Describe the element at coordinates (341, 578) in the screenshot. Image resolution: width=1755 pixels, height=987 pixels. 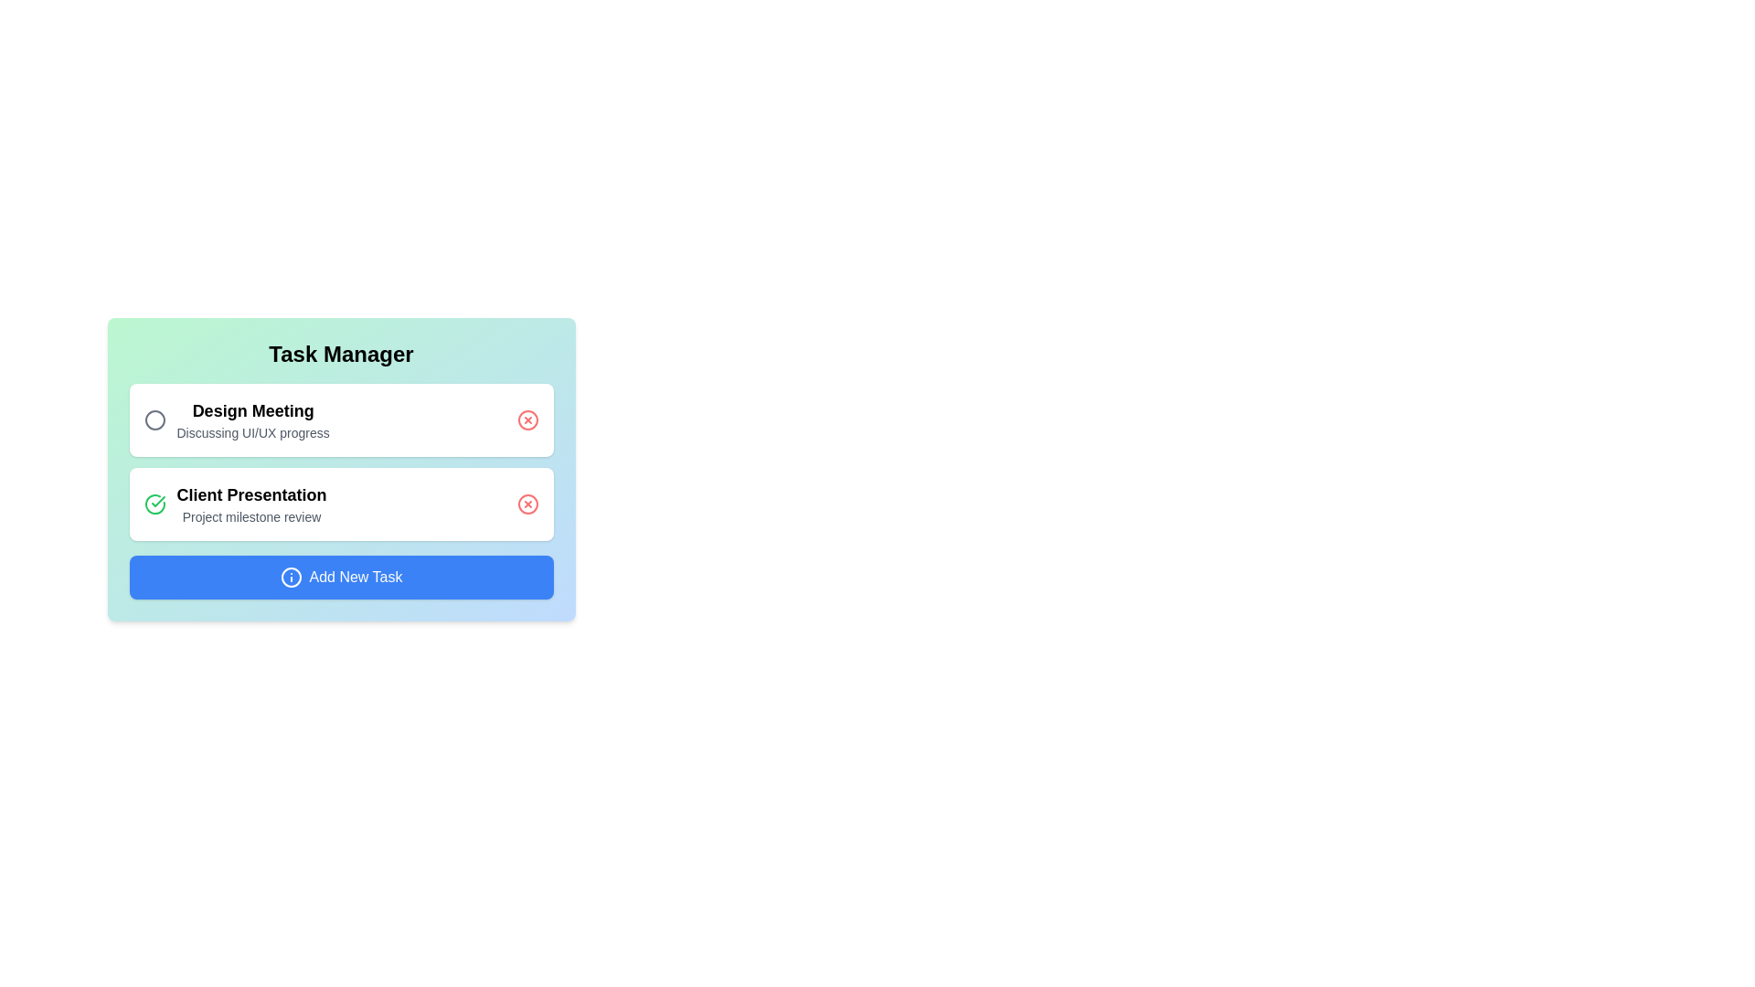
I see `the 'Add New Task' button` at that location.